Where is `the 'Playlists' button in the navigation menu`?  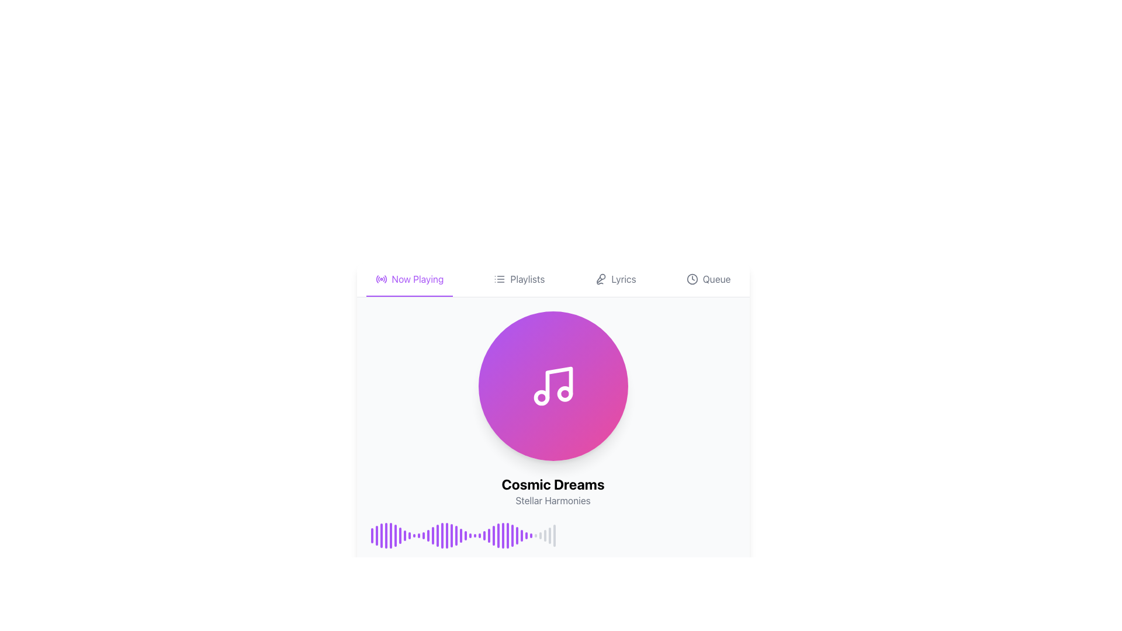
the 'Playlists' button in the navigation menu is located at coordinates (518, 279).